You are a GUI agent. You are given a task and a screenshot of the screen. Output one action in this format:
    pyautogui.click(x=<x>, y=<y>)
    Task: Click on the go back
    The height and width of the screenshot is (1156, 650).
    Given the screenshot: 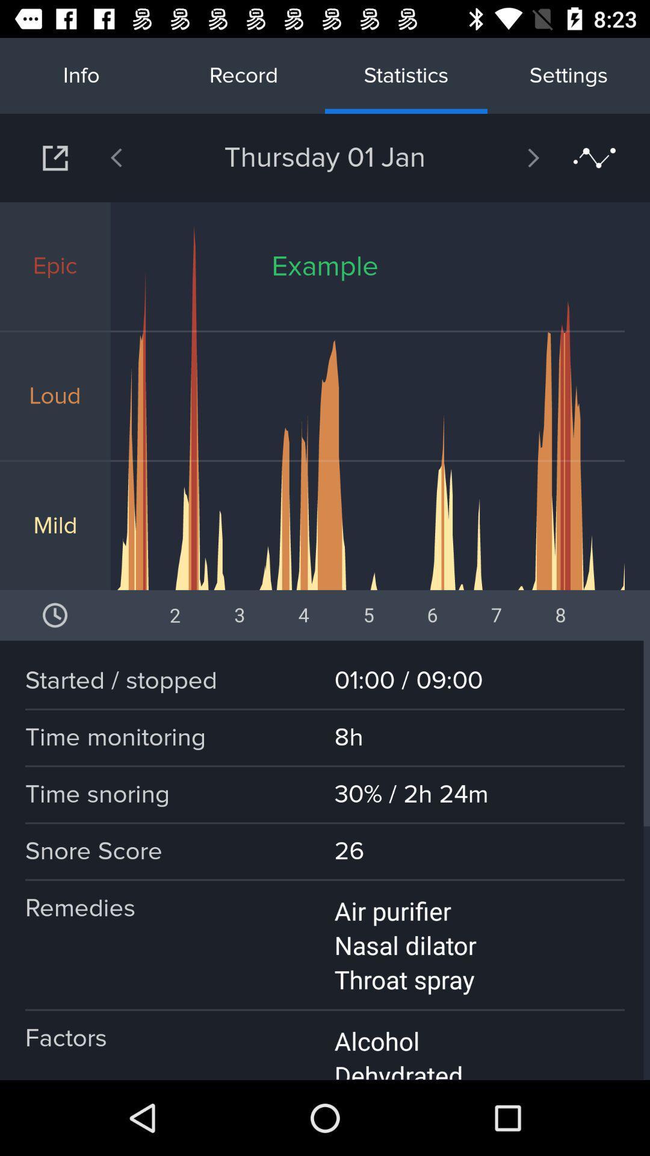 What is the action you would take?
    pyautogui.click(x=147, y=157)
    